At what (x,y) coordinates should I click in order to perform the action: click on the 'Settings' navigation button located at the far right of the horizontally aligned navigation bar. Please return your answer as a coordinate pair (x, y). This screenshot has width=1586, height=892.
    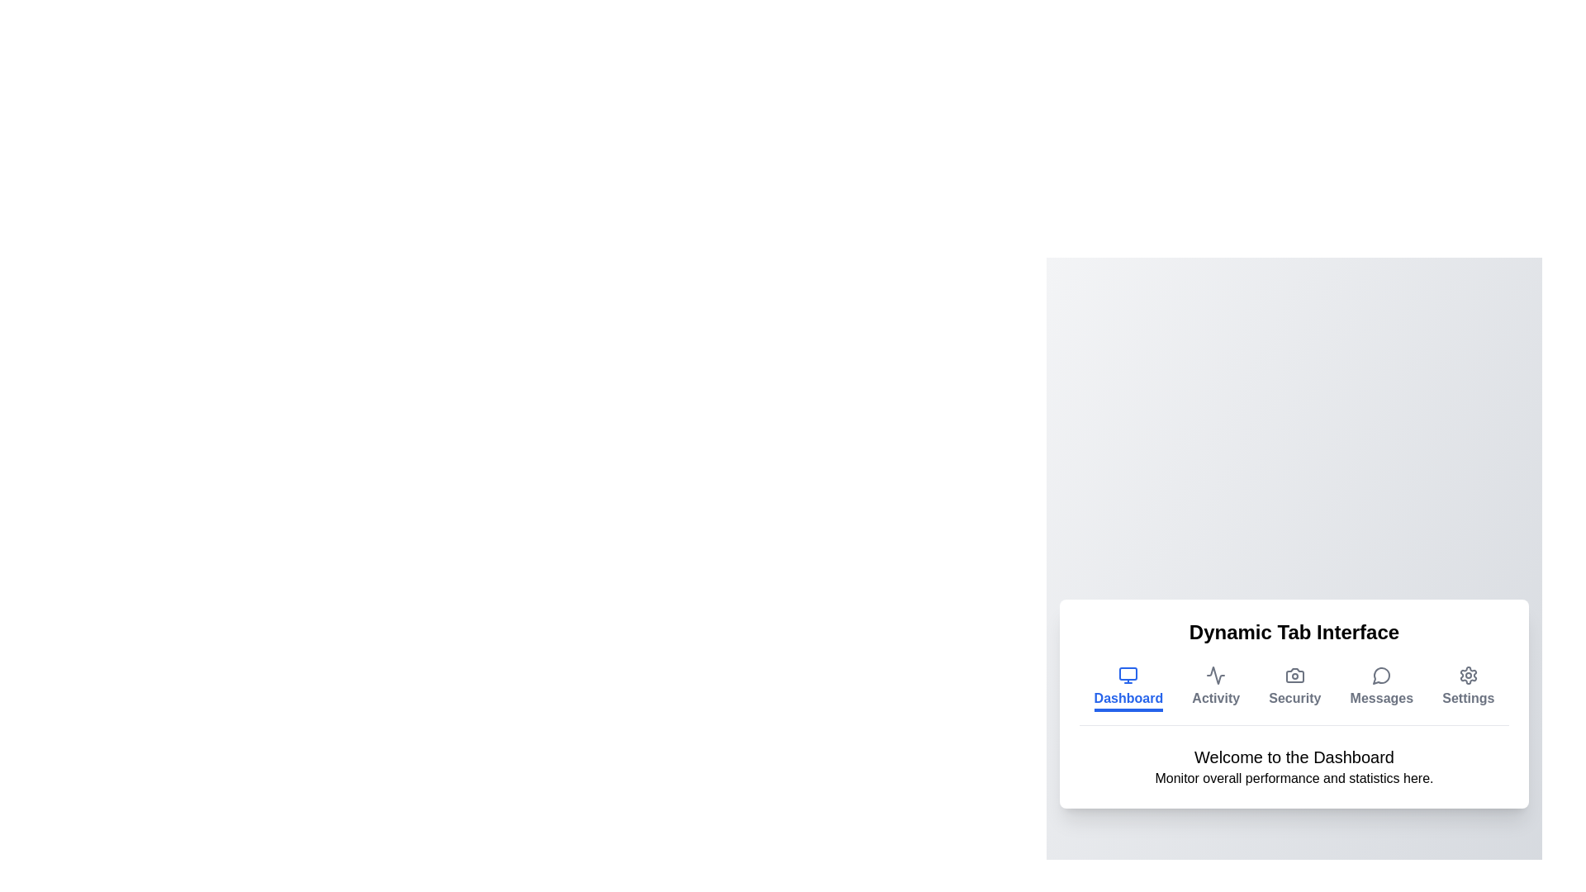
    Looking at the image, I should click on (1468, 688).